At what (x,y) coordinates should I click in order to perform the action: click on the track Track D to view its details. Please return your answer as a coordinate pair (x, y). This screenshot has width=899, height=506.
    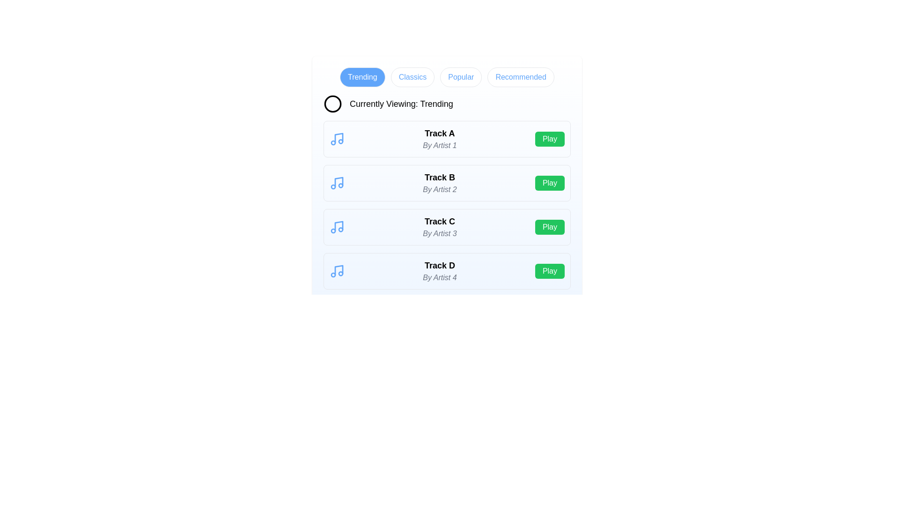
    Looking at the image, I should click on (439, 271).